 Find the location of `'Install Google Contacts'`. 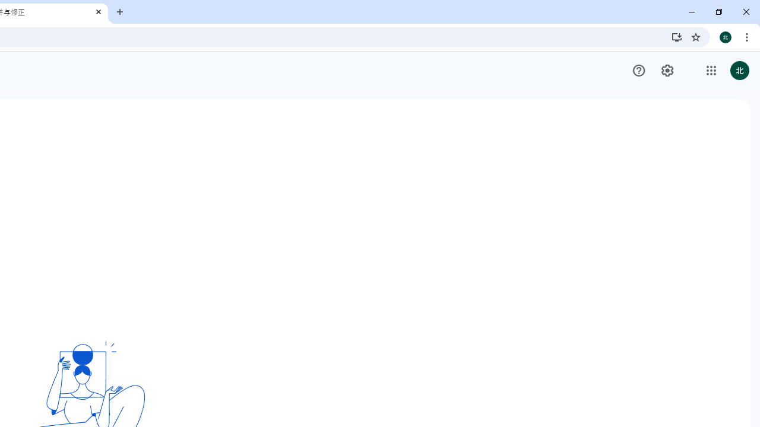

'Install Google Contacts' is located at coordinates (676, 36).